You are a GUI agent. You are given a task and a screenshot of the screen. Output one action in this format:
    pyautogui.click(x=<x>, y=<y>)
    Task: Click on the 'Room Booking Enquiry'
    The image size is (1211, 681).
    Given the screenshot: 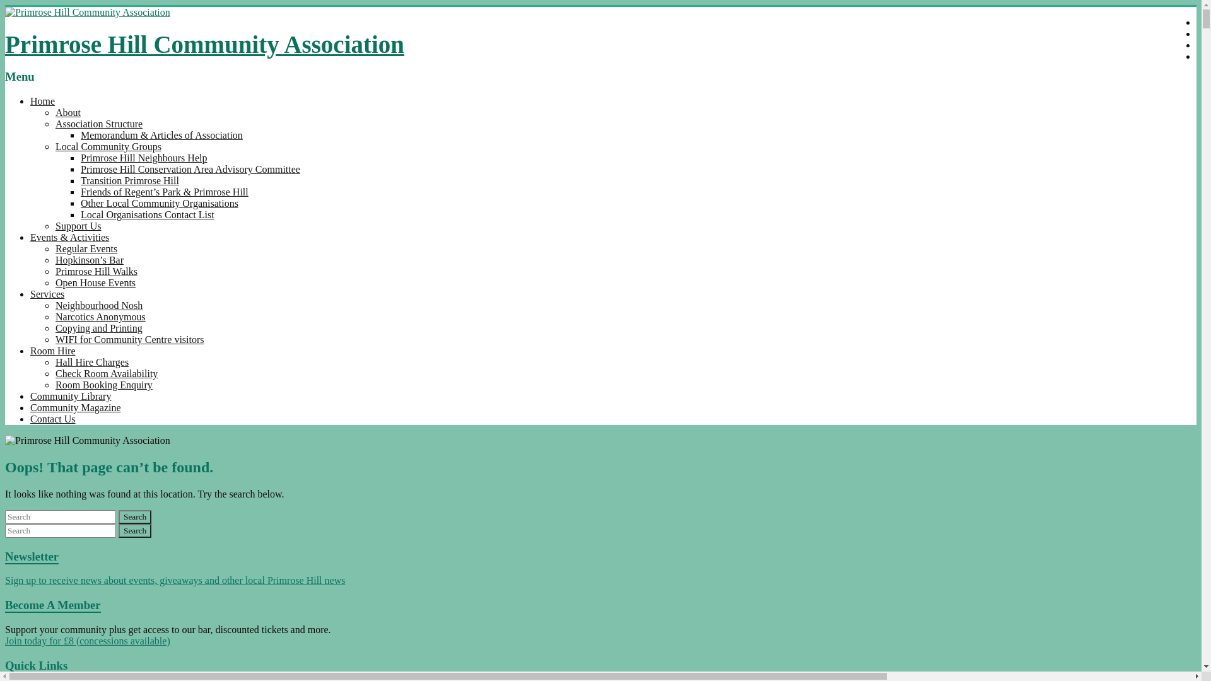 What is the action you would take?
    pyautogui.click(x=103, y=384)
    